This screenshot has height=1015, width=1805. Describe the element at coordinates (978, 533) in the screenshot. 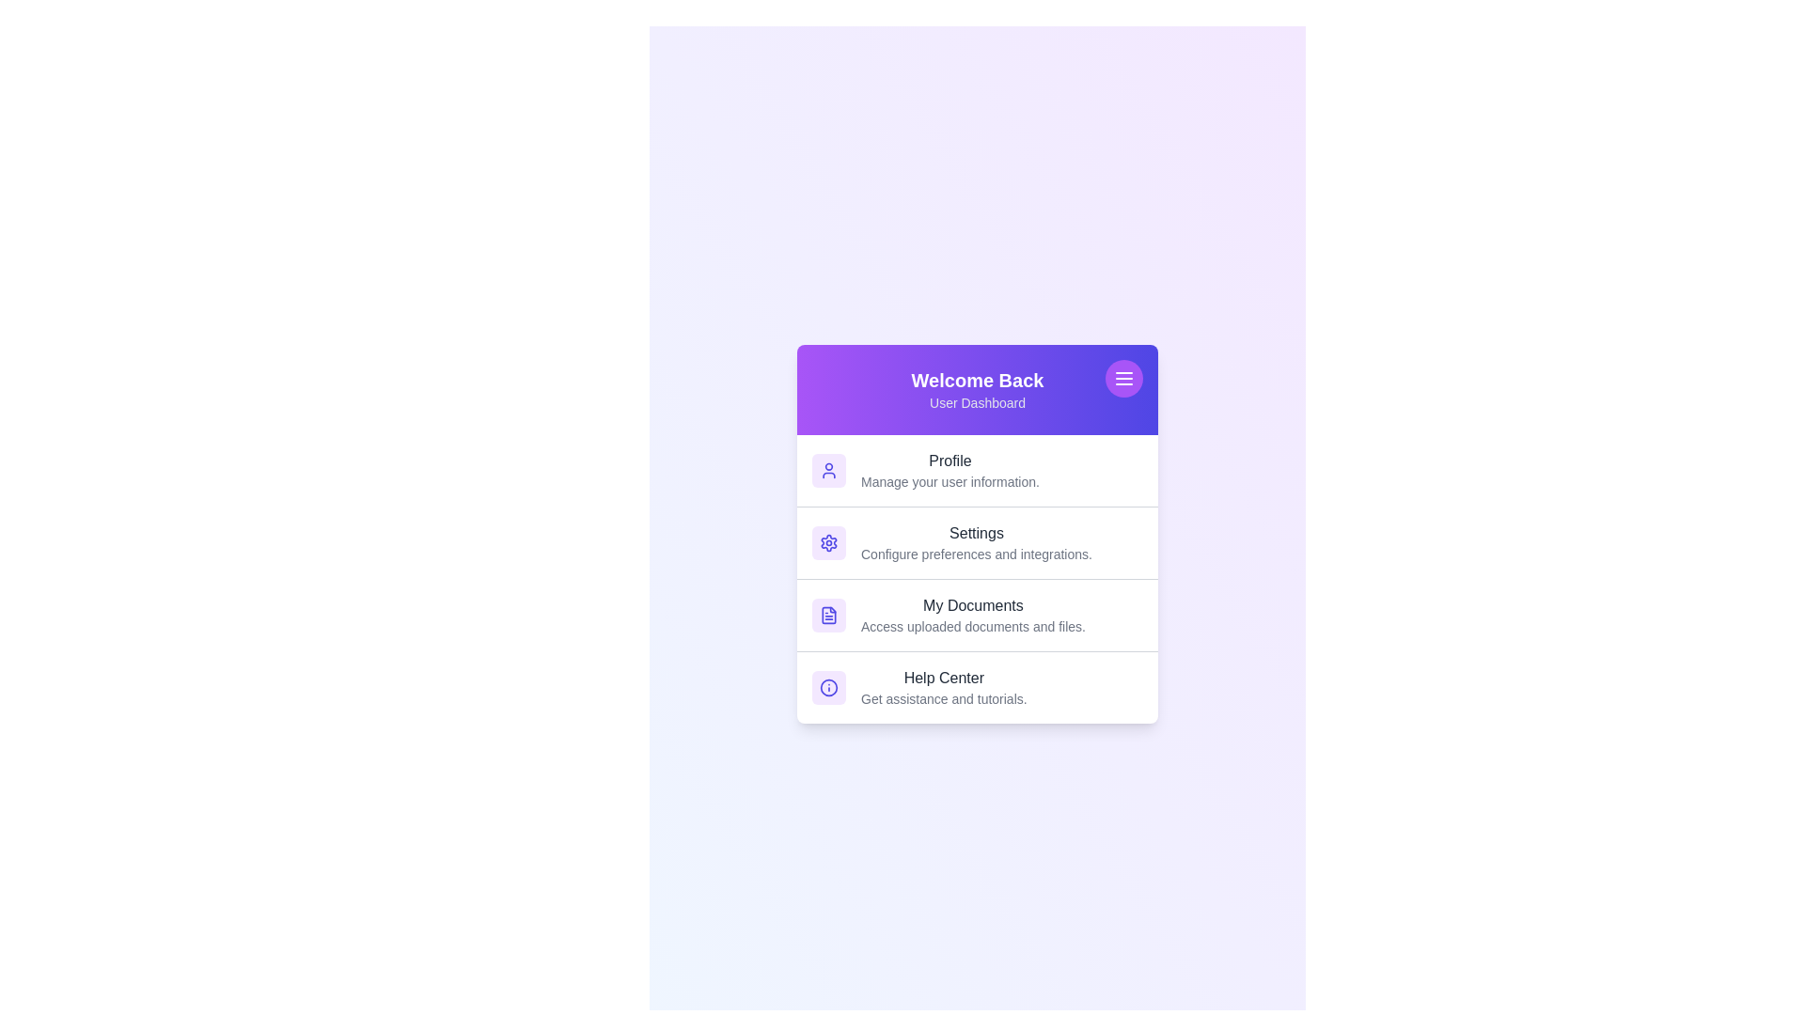

I see `the text of the list item Settings` at that location.